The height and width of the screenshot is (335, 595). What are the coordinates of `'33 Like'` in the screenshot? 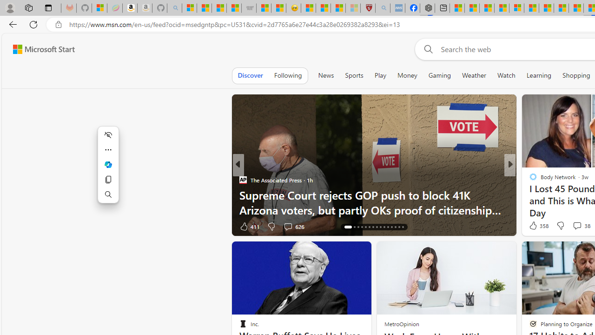 It's located at (534, 226).